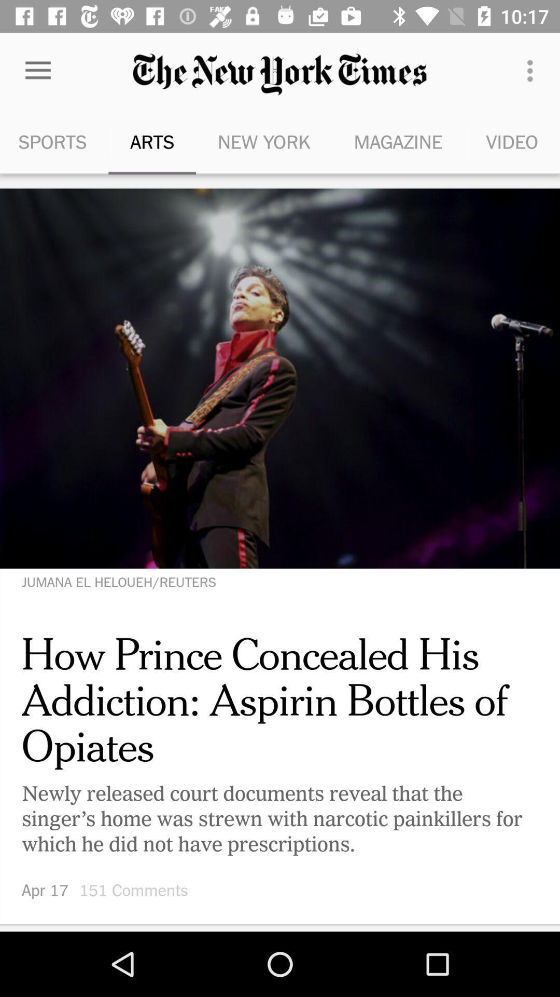 This screenshot has width=560, height=997. I want to click on the new york, so click(263, 141).